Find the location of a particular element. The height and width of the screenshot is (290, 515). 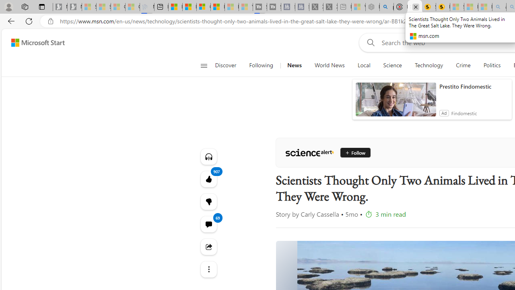

'Michelle Starr, Senior Journalist at ScienceAlert' is located at coordinates (442, 7).